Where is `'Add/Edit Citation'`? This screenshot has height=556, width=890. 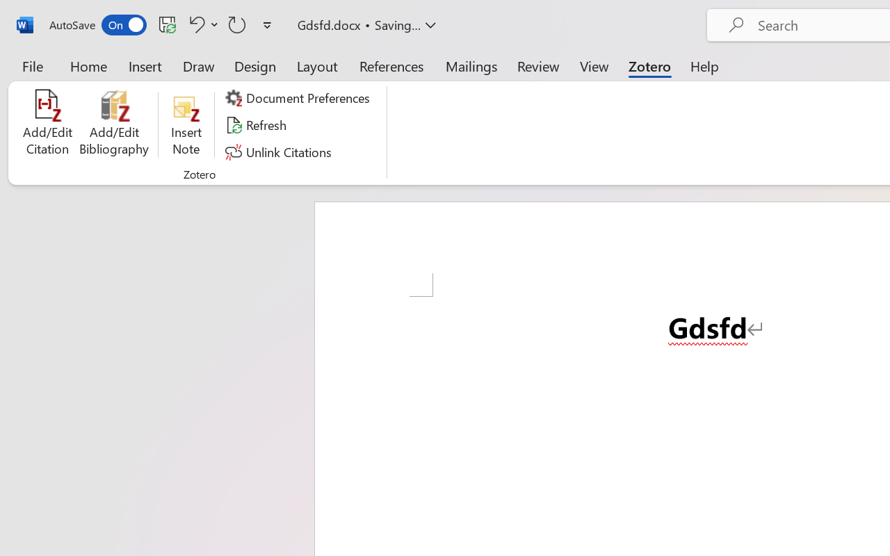 'Add/Edit Citation' is located at coordinates (47, 124).